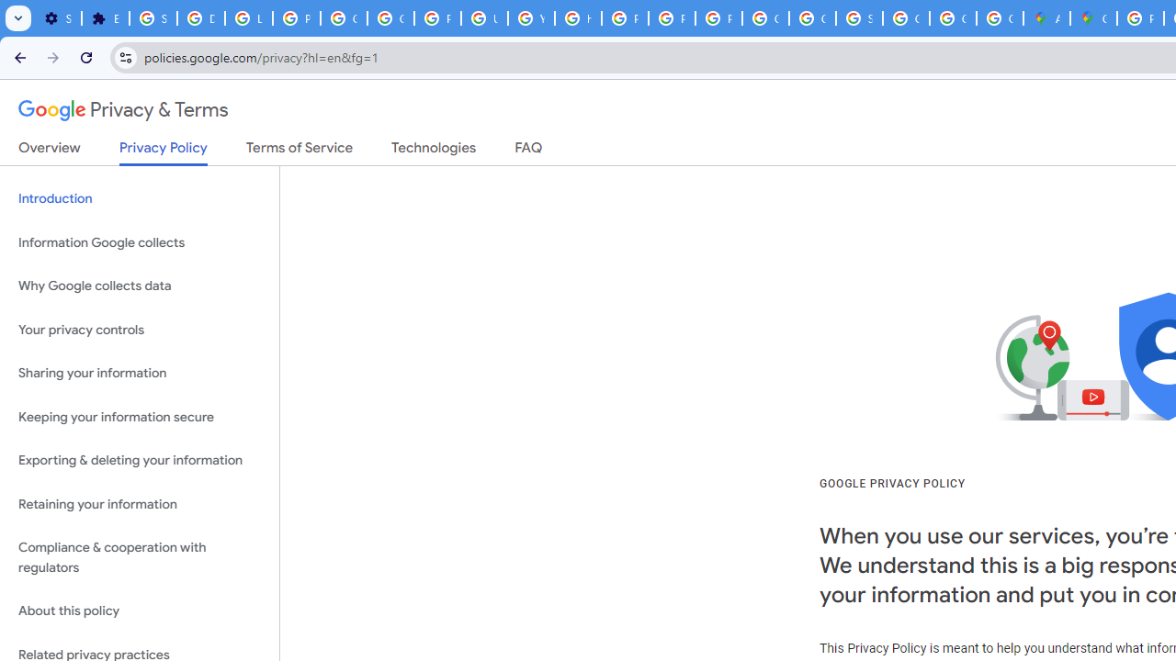 This screenshot has width=1176, height=661. I want to click on 'Overview', so click(50, 151).